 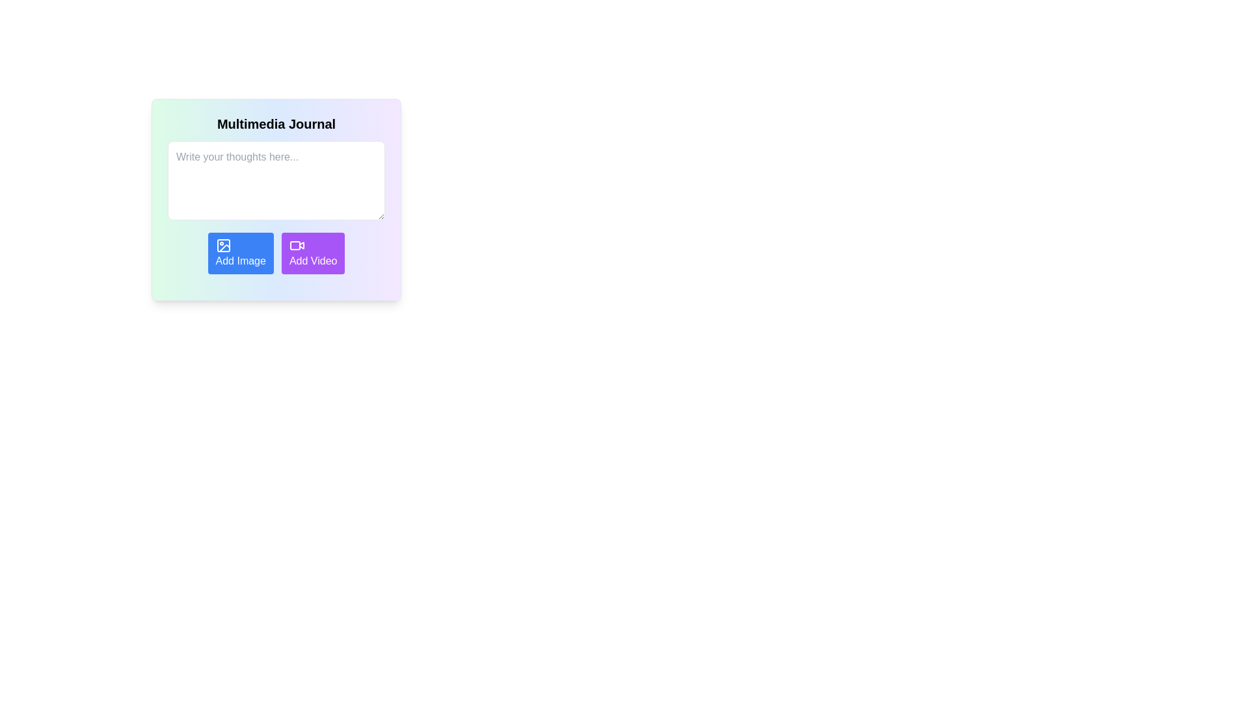 What do you see at coordinates (294, 246) in the screenshot?
I see `the icon element which is a purple rectangle with rounded corners inside the 'Add Video' button located at the bottom-right of the 'Multimedia Journal' dialog box` at bounding box center [294, 246].